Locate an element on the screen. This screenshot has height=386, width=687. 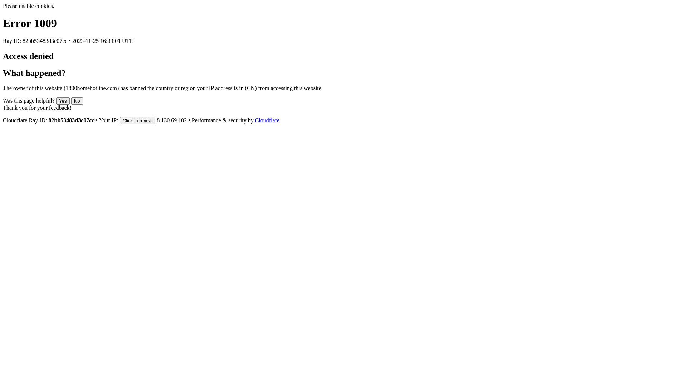
'Click to reveal' is located at coordinates (137, 120).